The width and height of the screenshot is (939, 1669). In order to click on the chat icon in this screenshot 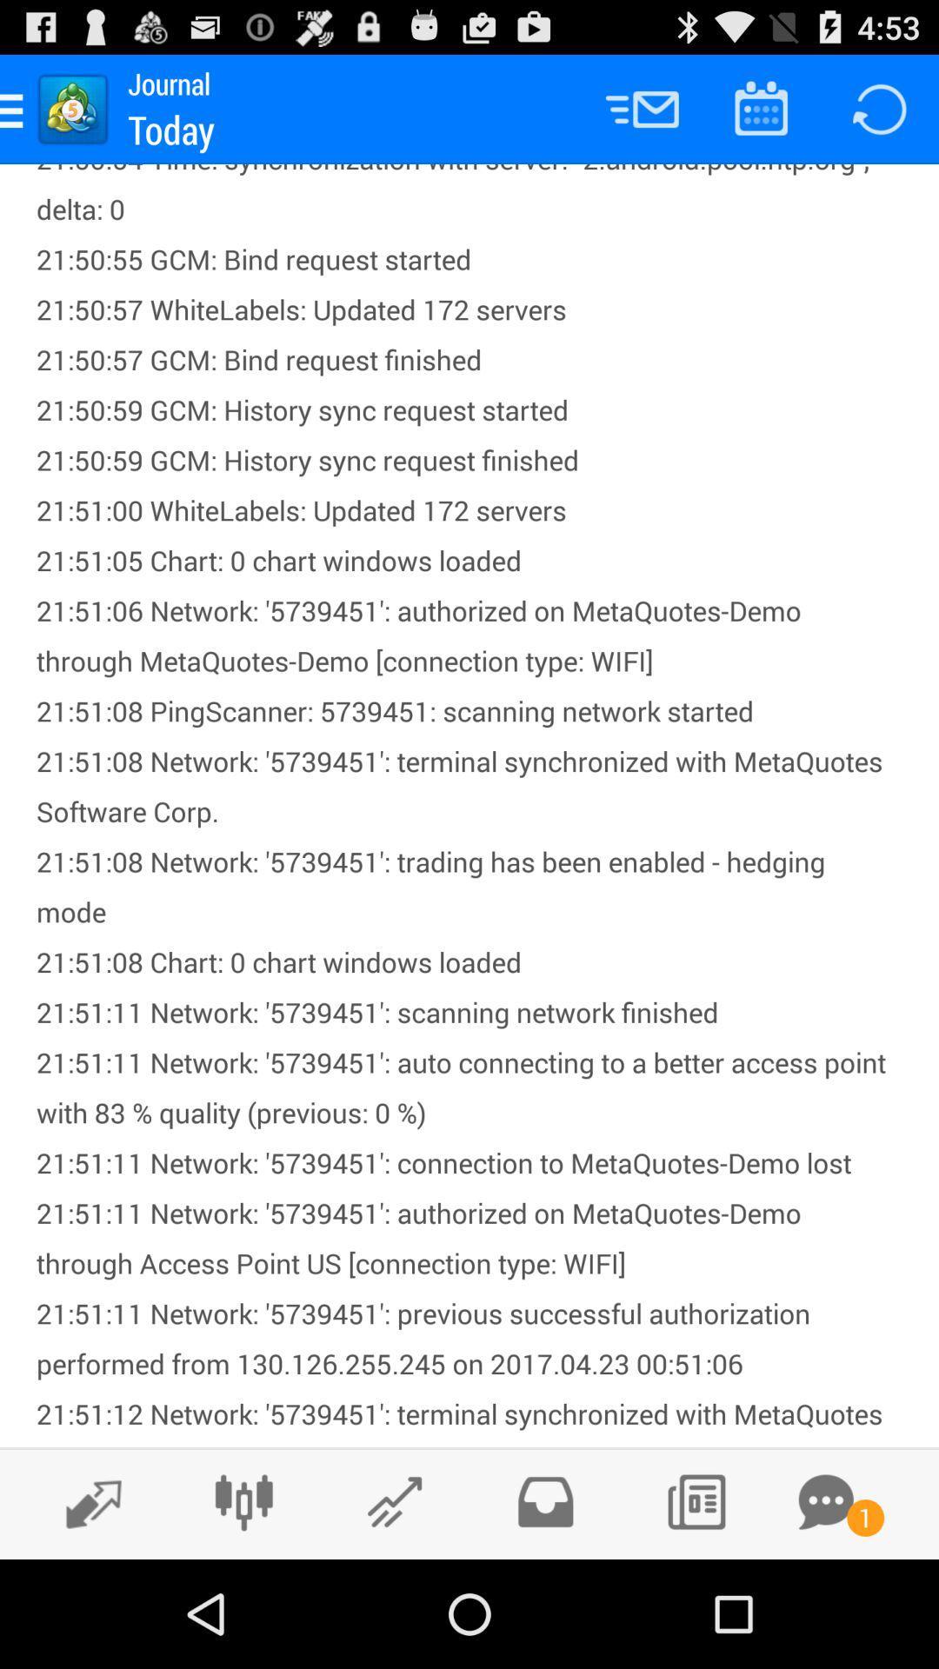, I will do `click(825, 1606)`.